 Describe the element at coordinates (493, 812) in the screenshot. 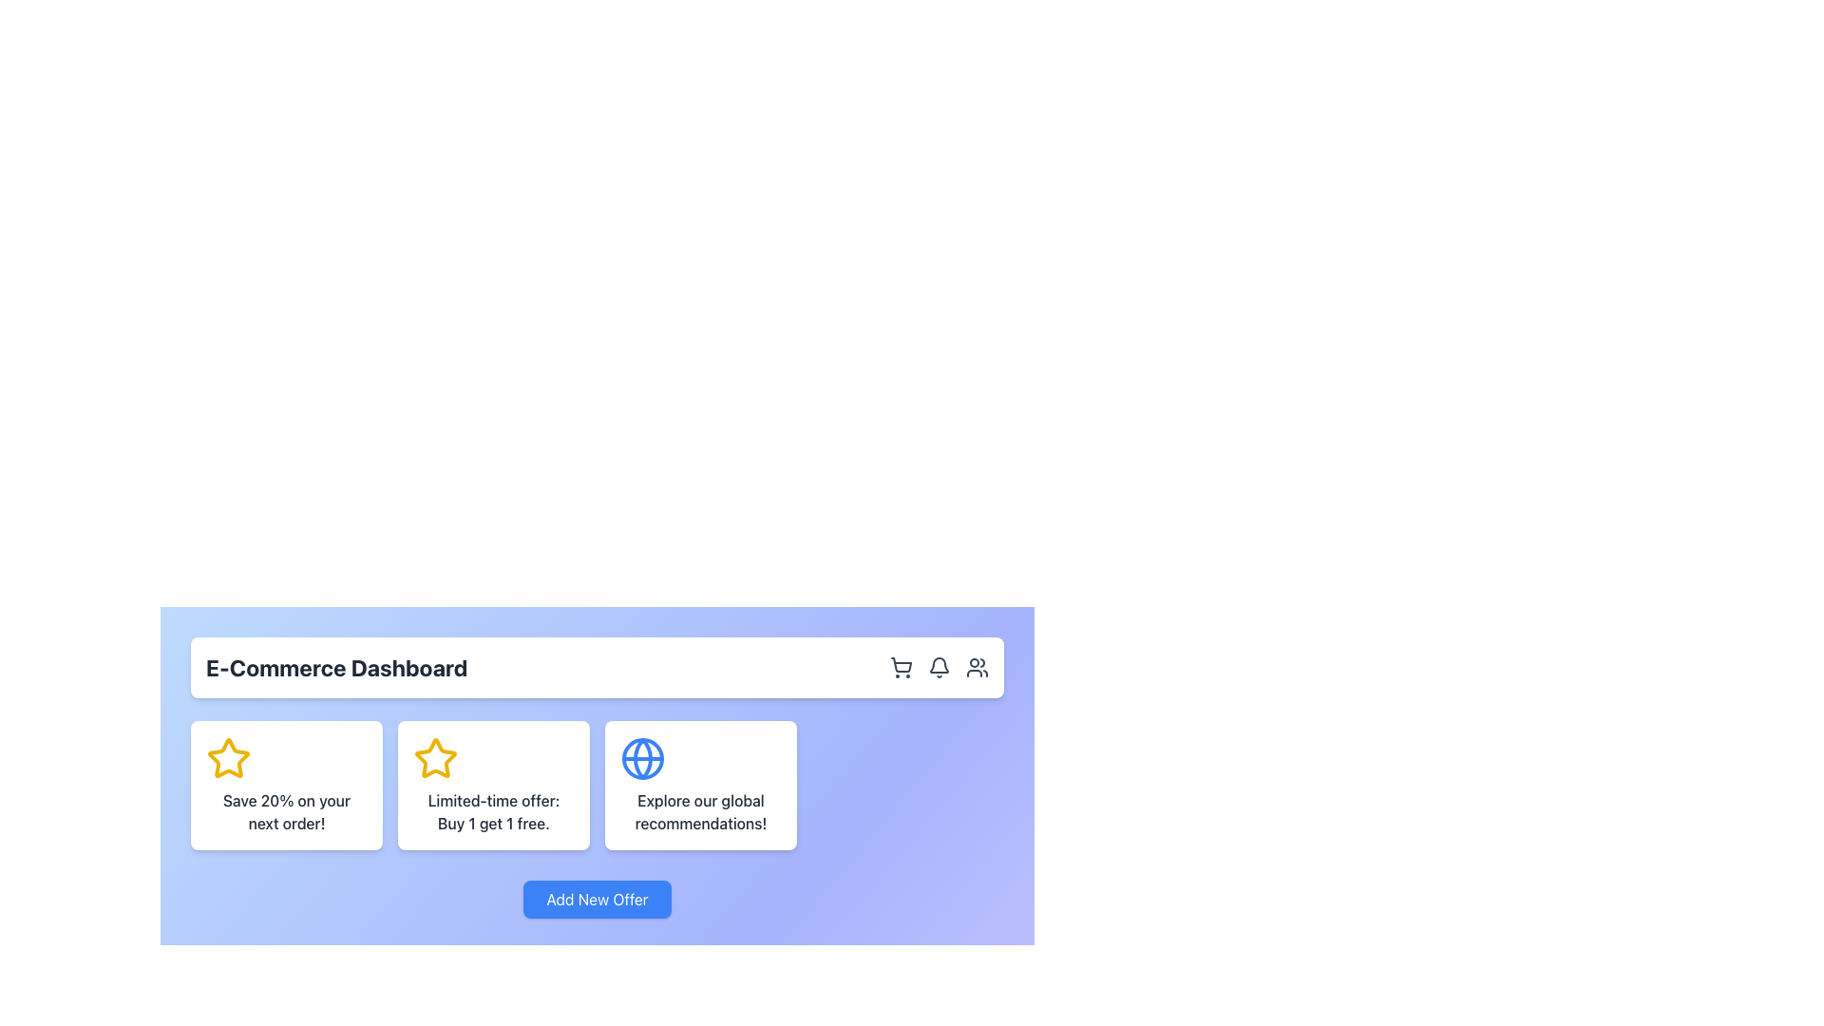

I see `the text element that communicates a time-sensitive promotional offer, located within a white, shadowed rectangular card, centered below a yellow star icon` at that location.